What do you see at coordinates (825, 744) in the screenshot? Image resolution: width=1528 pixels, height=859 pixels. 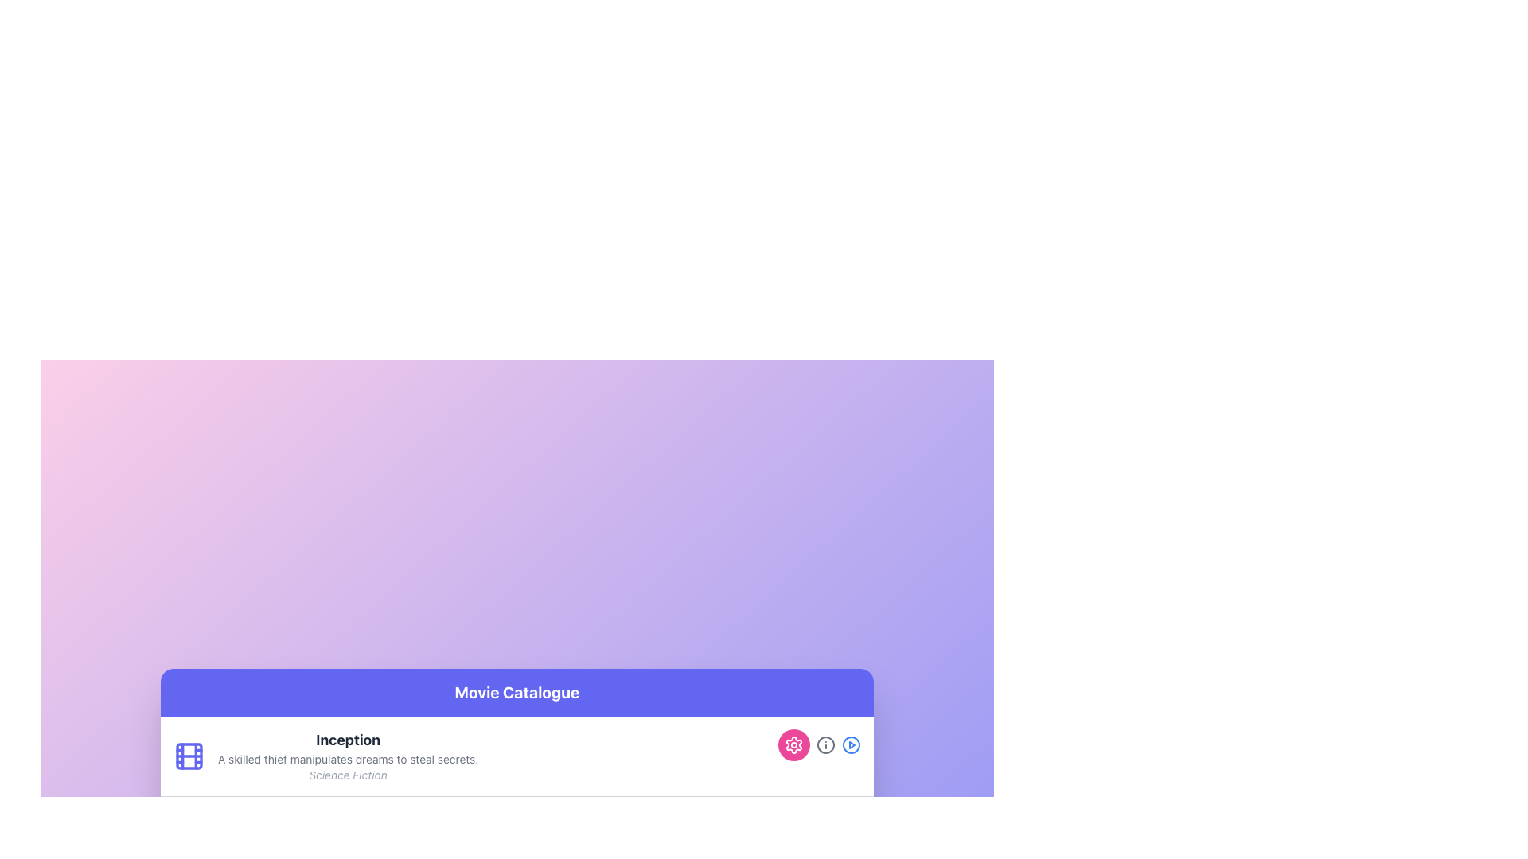 I see `the information icon located under the 'Movie Catalogue' section, positioned between a pink circular settings icon and a blue play icon` at bounding box center [825, 744].